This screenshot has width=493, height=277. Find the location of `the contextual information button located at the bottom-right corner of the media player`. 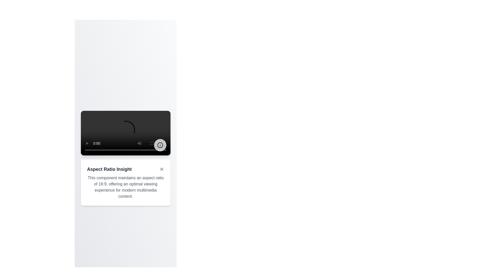

the contextual information button located at the bottom-right corner of the media player is located at coordinates (160, 145).